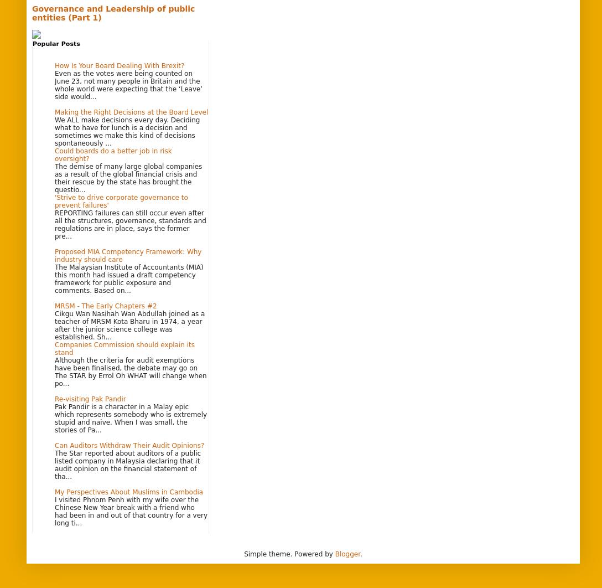  What do you see at coordinates (129, 445) in the screenshot?
I see `'Can Auditors Withdraw Their Audit Opinions?'` at bounding box center [129, 445].